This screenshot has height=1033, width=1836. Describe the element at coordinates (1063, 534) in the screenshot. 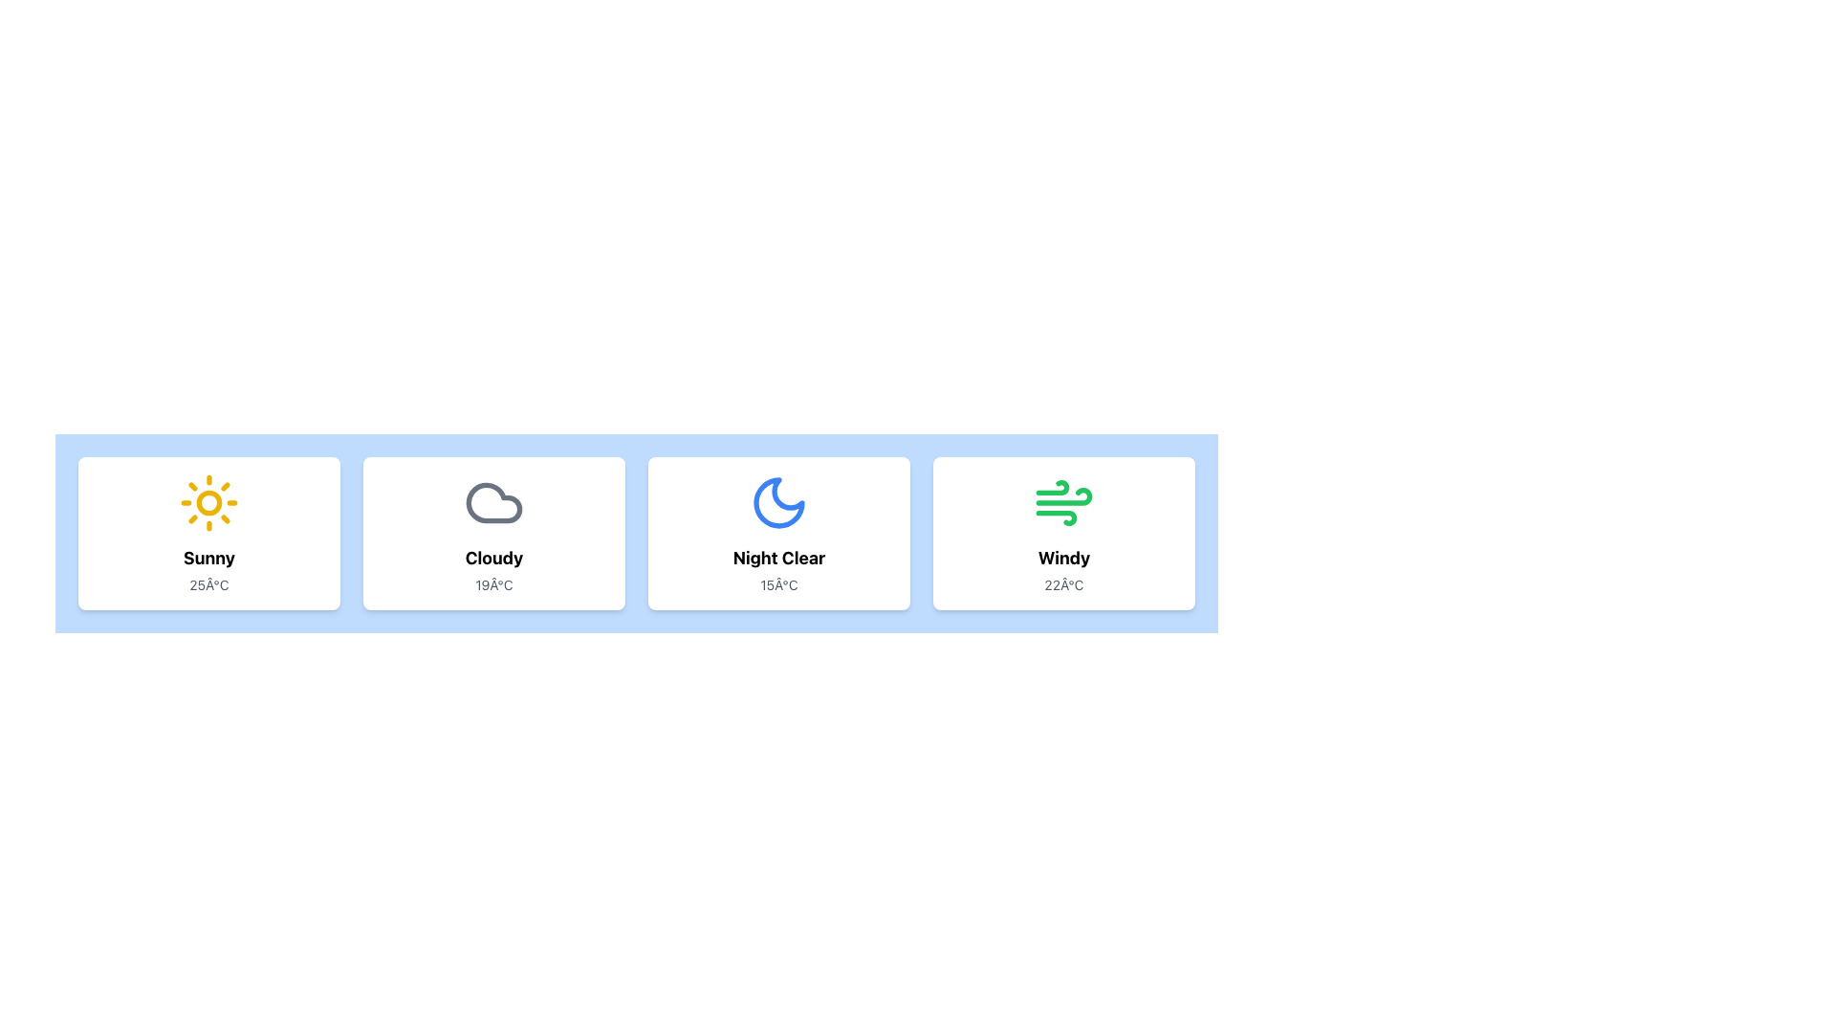

I see `the weather condition card that indicates windy weather with a temperature of 22°C, which is the fourth card in the row of weather summary cards` at that location.